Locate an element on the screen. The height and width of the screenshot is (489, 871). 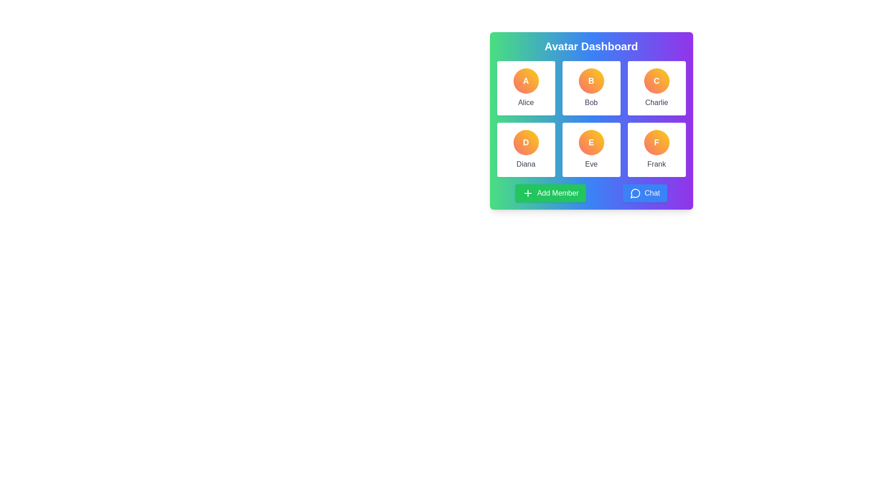
the user profile card, which displays an avatar and the user's name, located in the top row, third column of the 'Avatar Dashboard' section is located at coordinates (656, 88).